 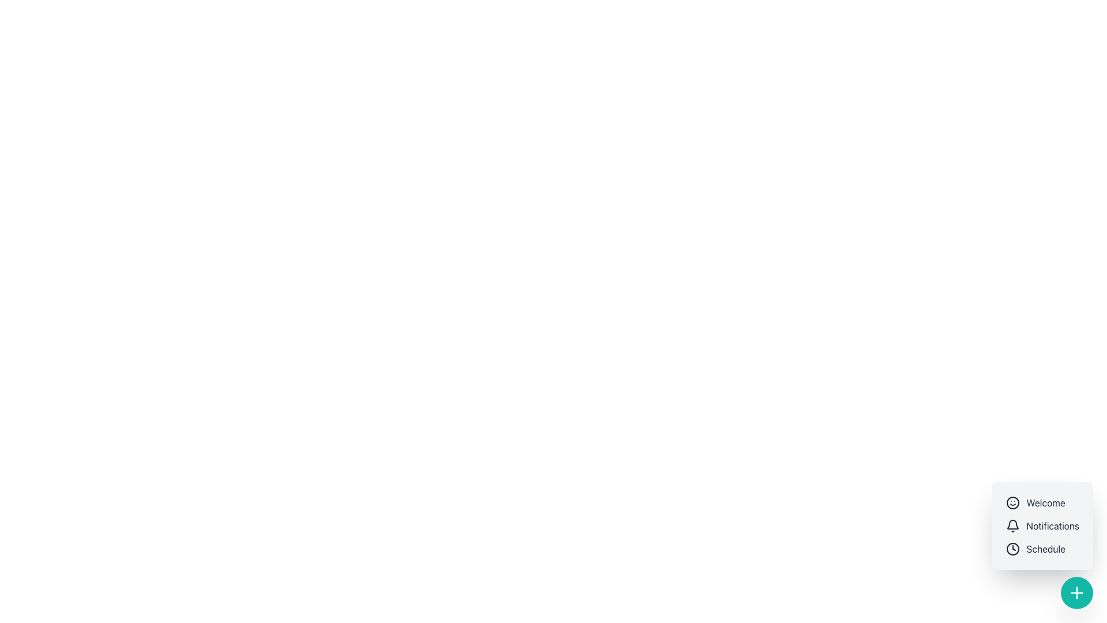 What do you see at coordinates (1036, 549) in the screenshot?
I see `the 'Schedule' button located at the bottom right of the interface, which features a clock icon and changes color on hover` at bounding box center [1036, 549].